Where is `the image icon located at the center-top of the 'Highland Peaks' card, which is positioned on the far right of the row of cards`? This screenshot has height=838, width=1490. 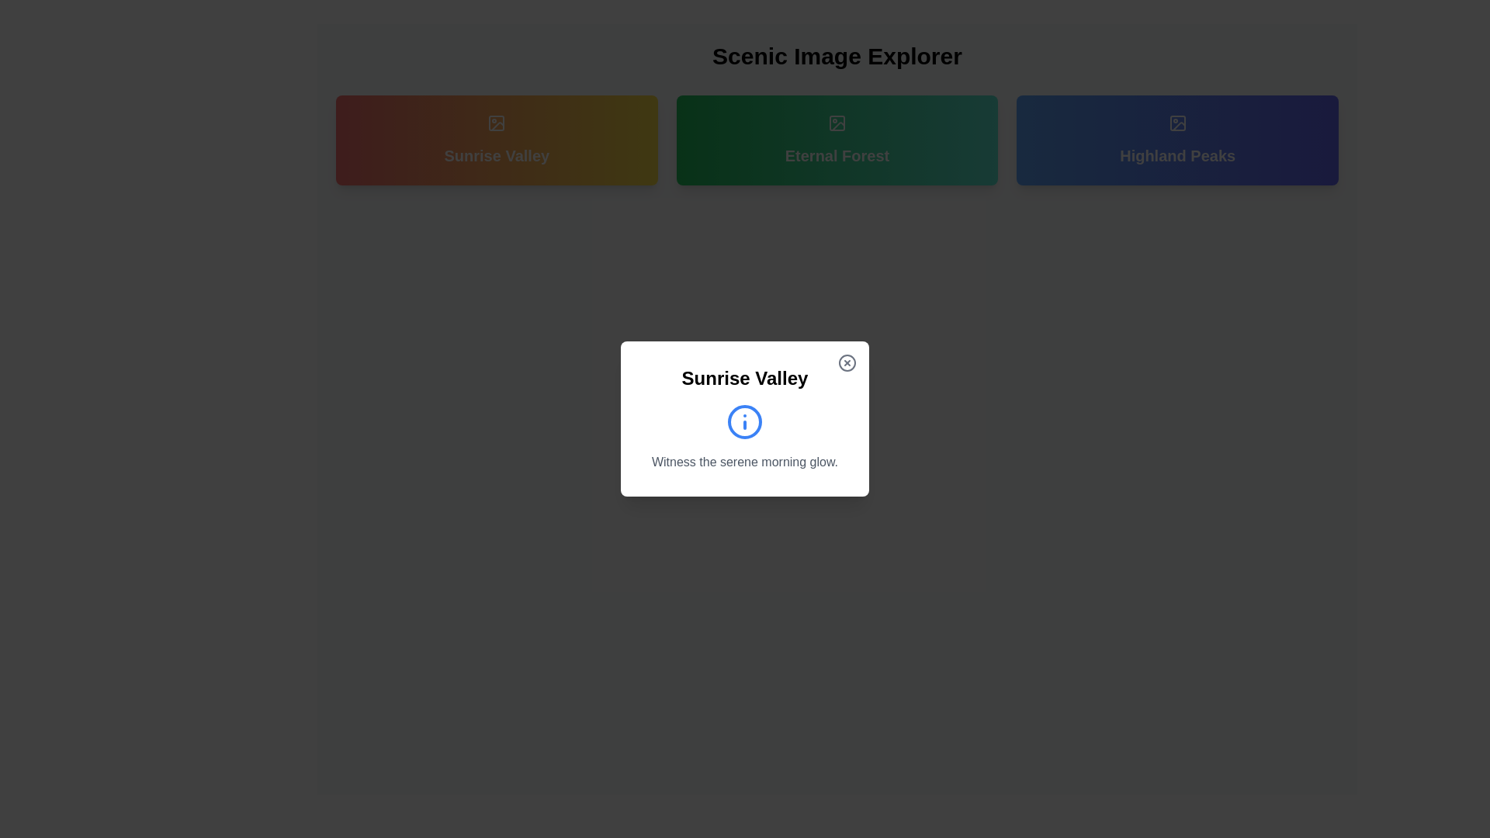 the image icon located at the center-top of the 'Highland Peaks' card, which is positioned on the far right of the row of cards is located at coordinates (1177, 122).